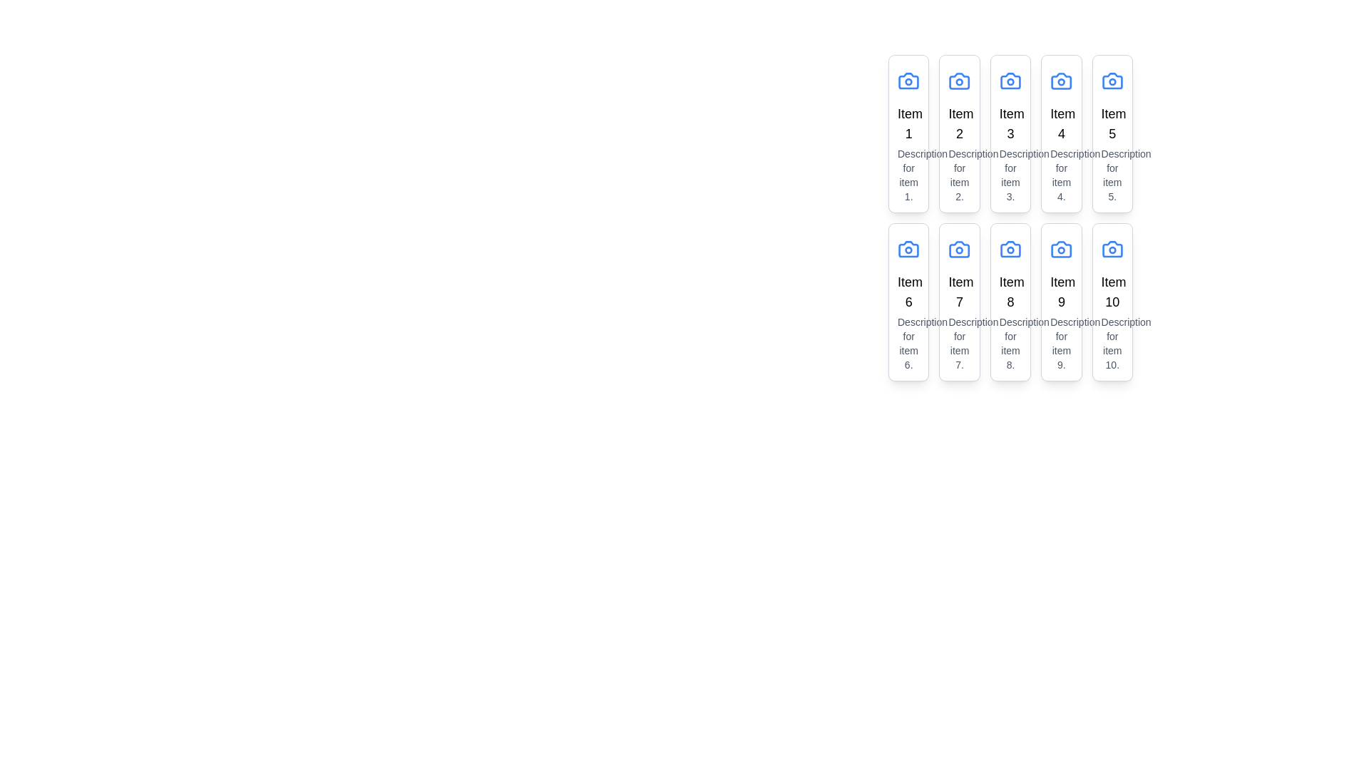 The height and width of the screenshot is (770, 1369). Describe the element at coordinates (1010, 81) in the screenshot. I see `camera icon SVG graphic component located in the upper component of the third cell in the grid layout, positioned above 'Item 3'` at that location.